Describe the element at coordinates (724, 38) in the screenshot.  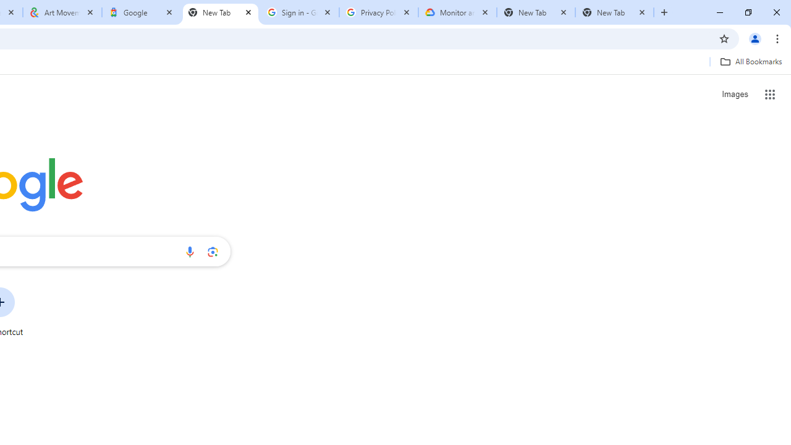
I see `'Bookmark this tab'` at that location.